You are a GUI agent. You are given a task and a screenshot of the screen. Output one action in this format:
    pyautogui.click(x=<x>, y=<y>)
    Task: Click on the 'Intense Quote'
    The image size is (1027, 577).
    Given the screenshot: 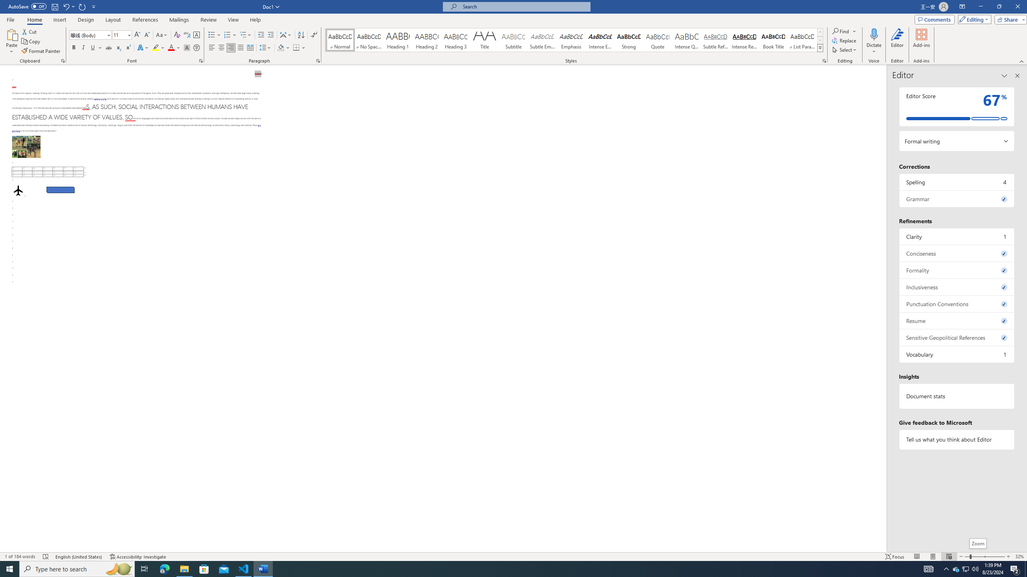 What is the action you would take?
    pyautogui.click(x=687, y=40)
    